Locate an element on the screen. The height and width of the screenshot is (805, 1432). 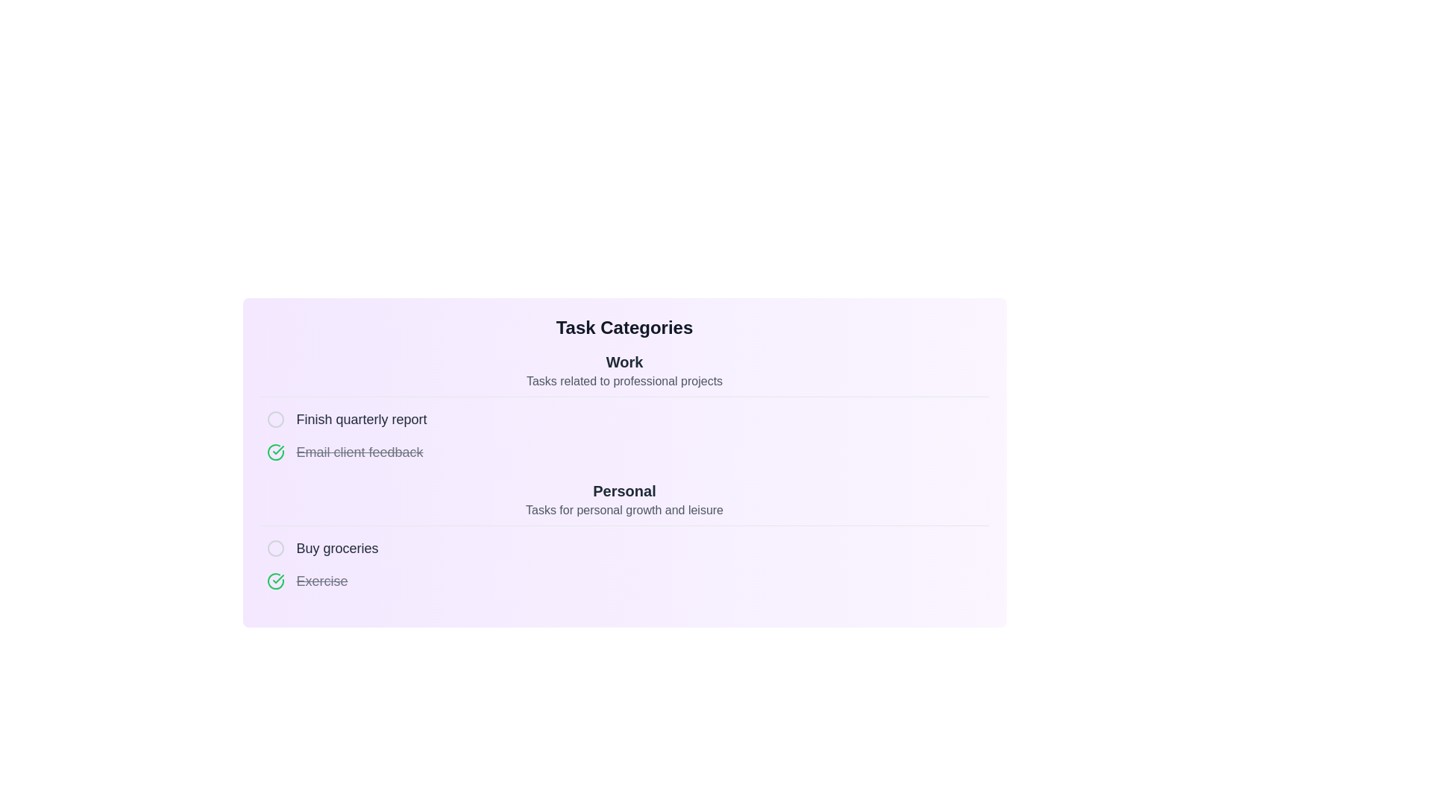
the 'Buy groceries' label which is styled in a larger dark gray font and is located next to a circular radio-style indicator in the 'Personal' section is located at coordinates (321, 549).